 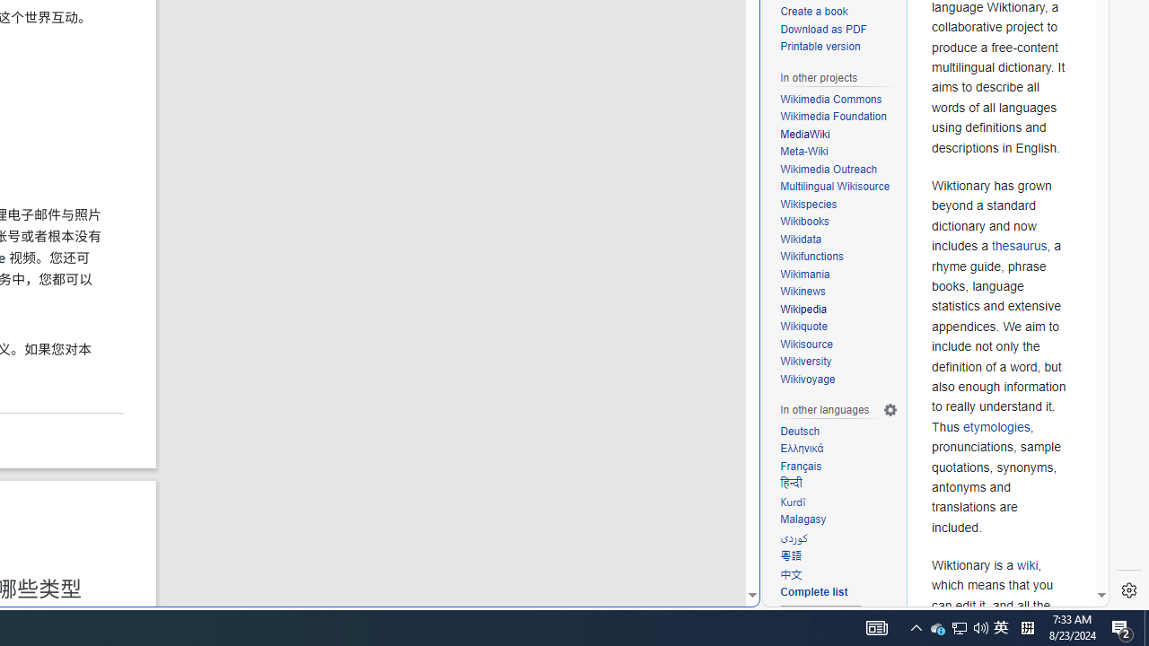 What do you see at coordinates (838, 379) in the screenshot?
I see `'Wikivoyage'` at bounding box center [838, 379].